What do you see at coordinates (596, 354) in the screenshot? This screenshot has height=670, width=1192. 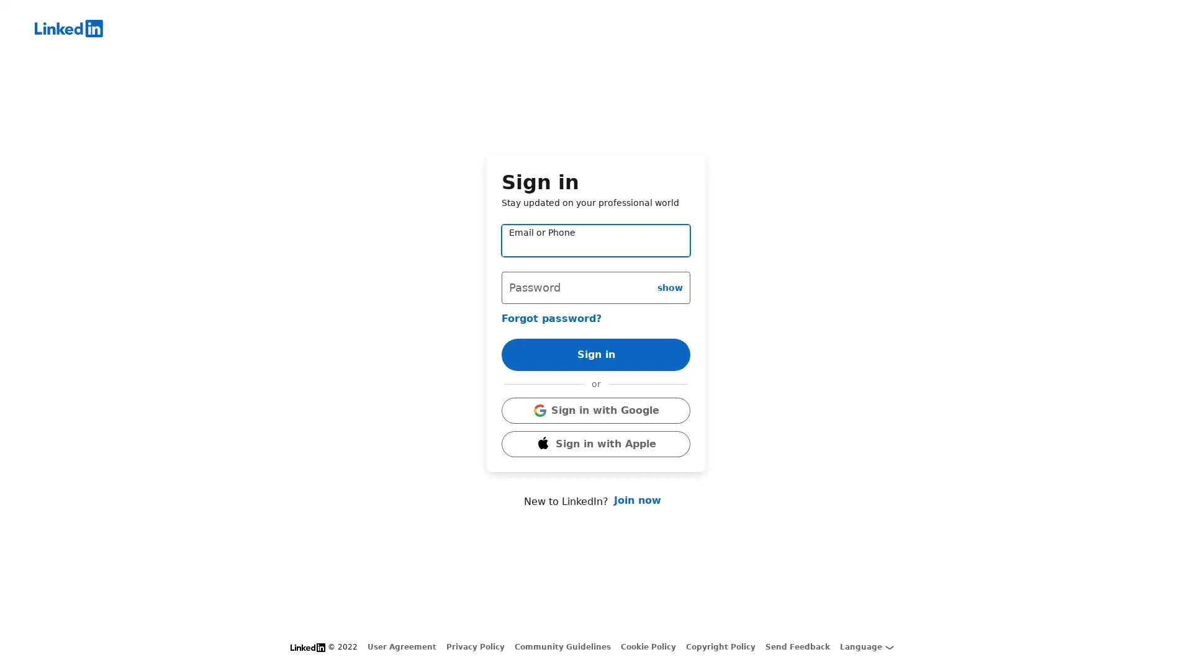 I see `Sign in` at bounding box center [596, 354].